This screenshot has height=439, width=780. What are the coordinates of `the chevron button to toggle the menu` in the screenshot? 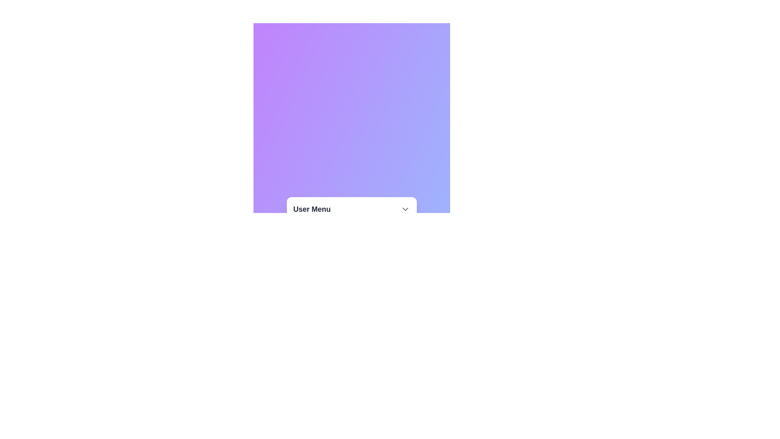 It's located at (405, 209).